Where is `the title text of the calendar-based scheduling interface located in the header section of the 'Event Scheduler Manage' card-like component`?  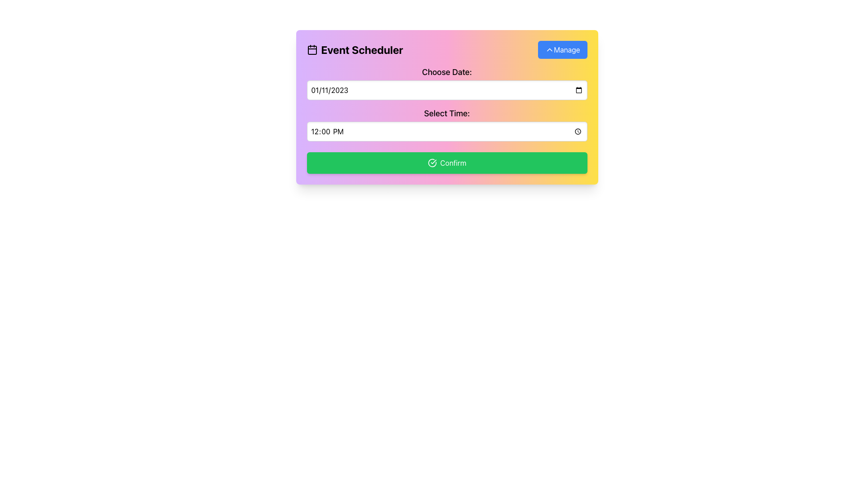
the title text of the calendar-based scheduling interface located in the header section of the 'Event Scheduler Manage' card-like component is located at coordinates (354, 50).